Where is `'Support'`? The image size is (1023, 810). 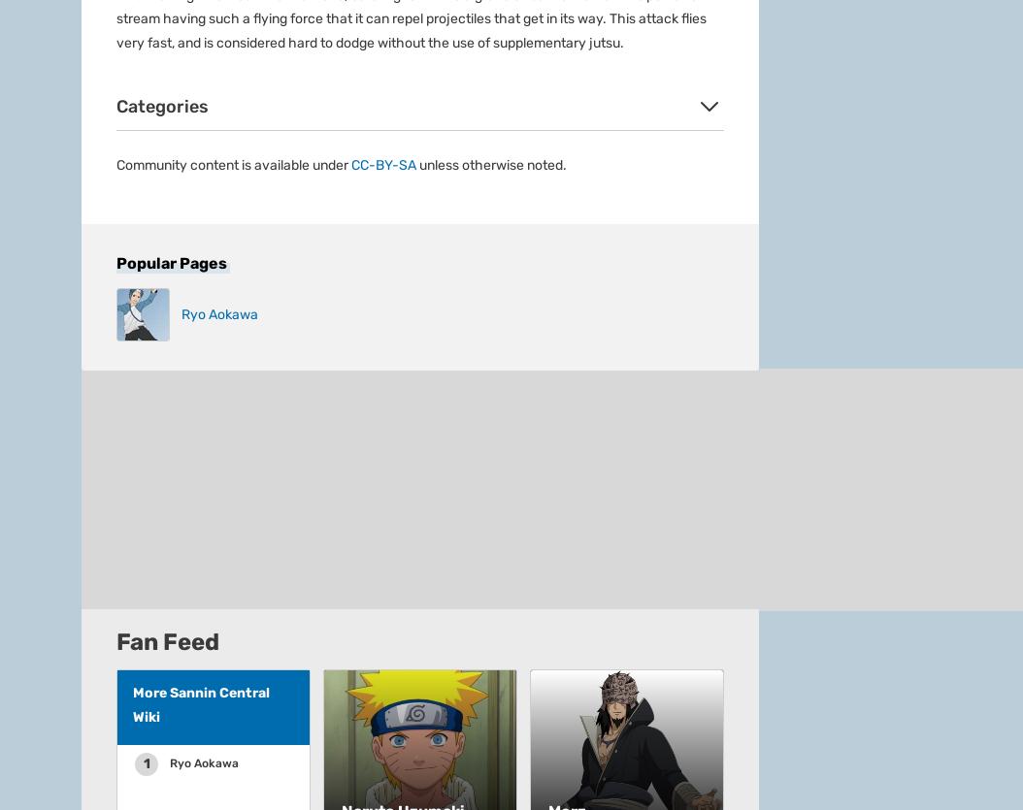 'Support' is located at coordinates (106, 95).